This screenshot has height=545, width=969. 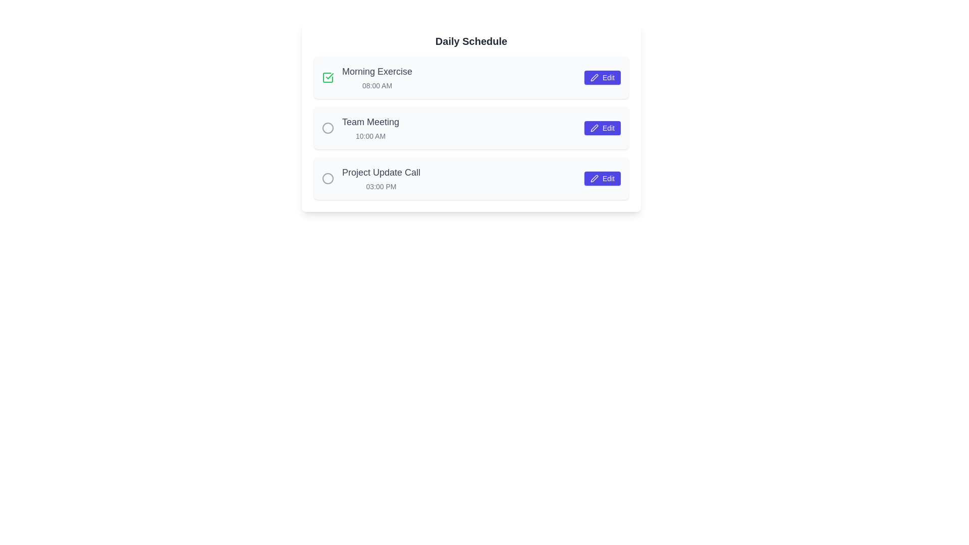 What do you see at coordinates (594, 178) in the screenshot?
I see `the pen icon that indicates the 'Edit' button, located to the left of 'Edit' in the 'Project Update Call' item of the vertical list` at bounding box center [594, 178].